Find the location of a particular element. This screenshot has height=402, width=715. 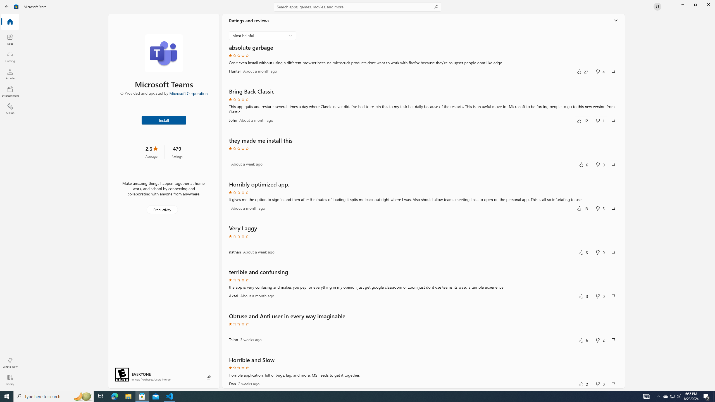

'Yes, this was helpful. 3 votes.' is located at coordinates (583, 296).